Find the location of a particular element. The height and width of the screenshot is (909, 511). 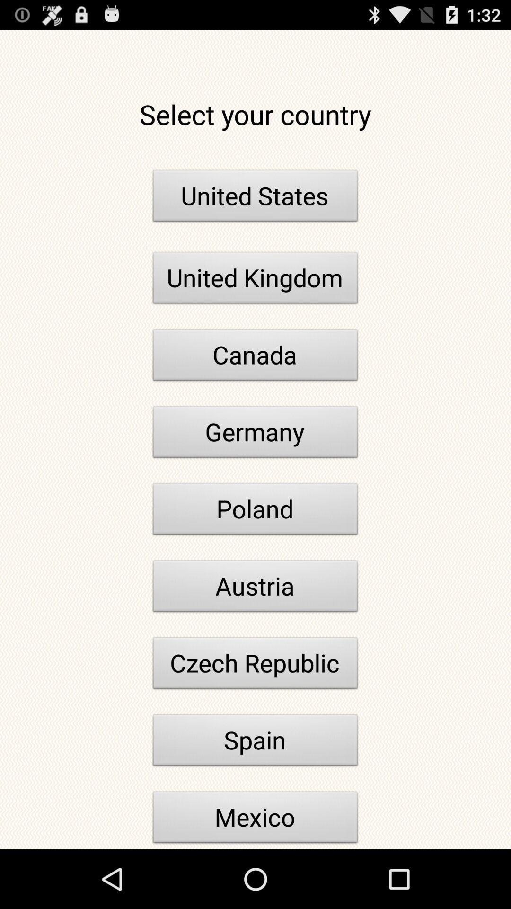

icon above poland item is located at coordinates (255, 434).